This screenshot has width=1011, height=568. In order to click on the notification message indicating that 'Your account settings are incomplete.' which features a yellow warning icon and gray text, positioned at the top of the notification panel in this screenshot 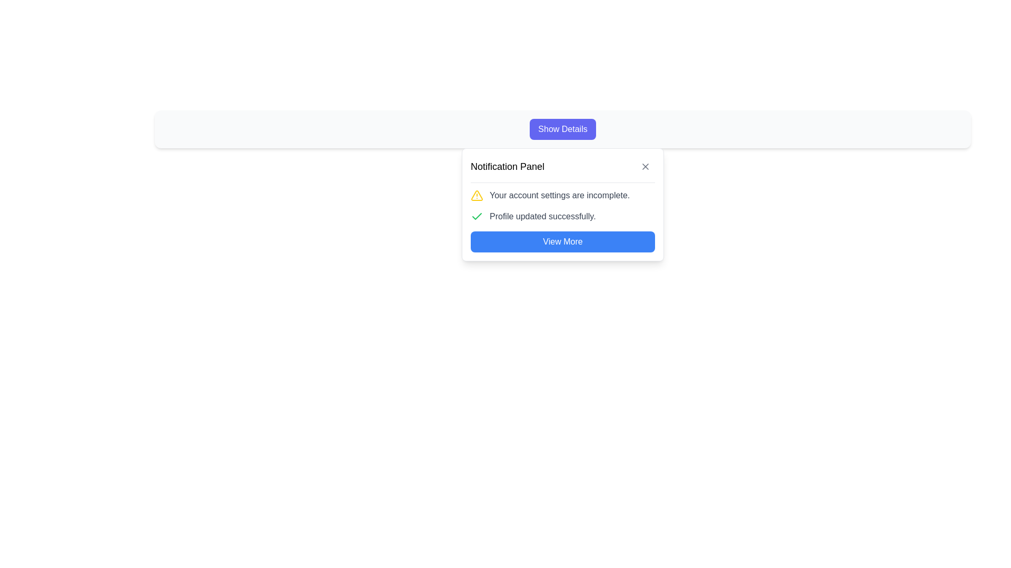, I will do `click(562, 195)`.